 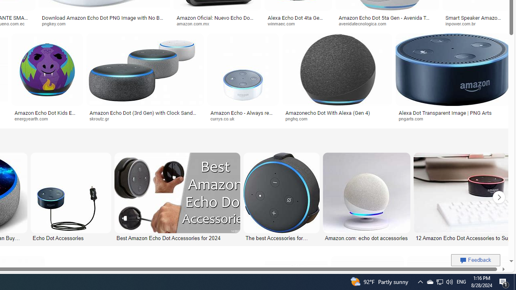 I want to click on 'Alexa Dot Transparent Image | PNG Artspngarts.comSave', so click(x=453, y=79).